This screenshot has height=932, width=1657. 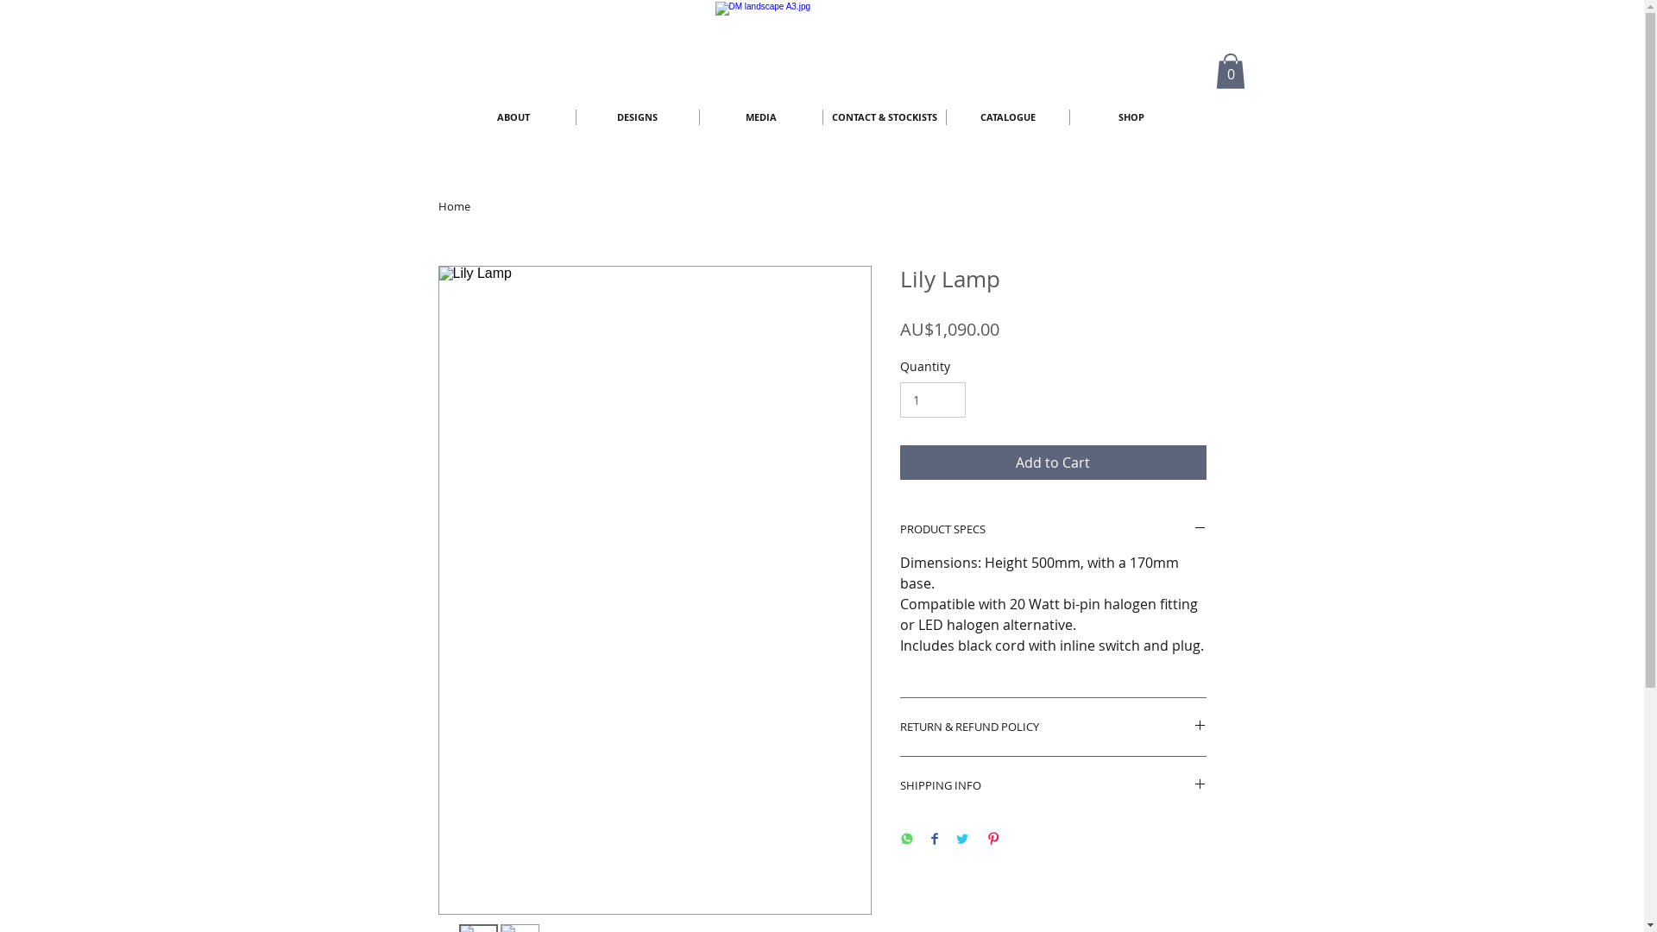 What do you see at coordinates (759, 116) in the screenshot?
I see `'MEDIA'` at bounding box center [759, 116].